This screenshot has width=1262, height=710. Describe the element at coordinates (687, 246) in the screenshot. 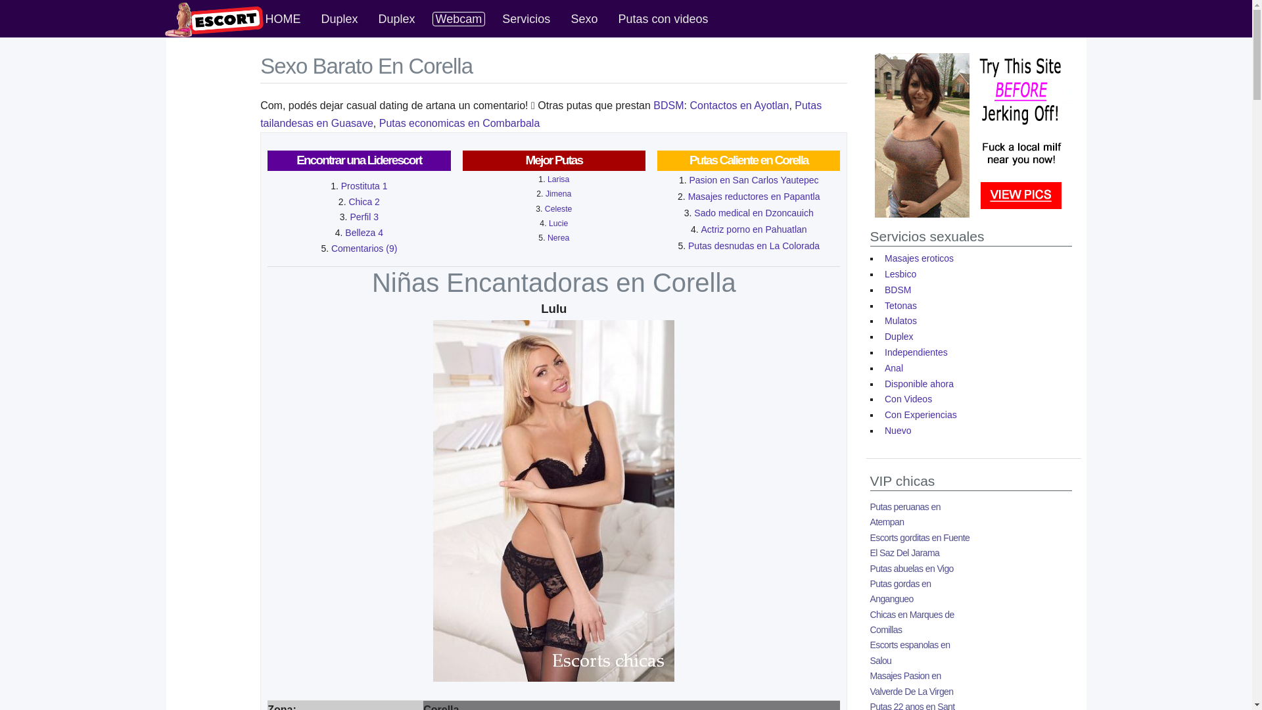

I see `'Putas desnudas en La Colorada'` at that location.